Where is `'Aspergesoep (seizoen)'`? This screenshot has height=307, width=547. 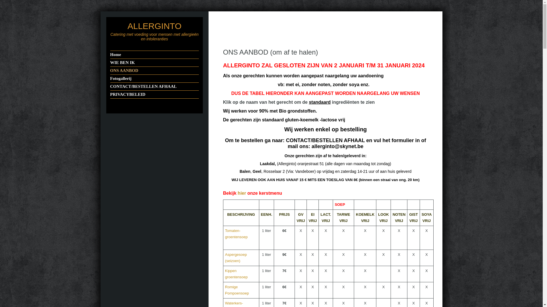
'Aspergesoep (seizoen)' is located at coordinates (236, 258).